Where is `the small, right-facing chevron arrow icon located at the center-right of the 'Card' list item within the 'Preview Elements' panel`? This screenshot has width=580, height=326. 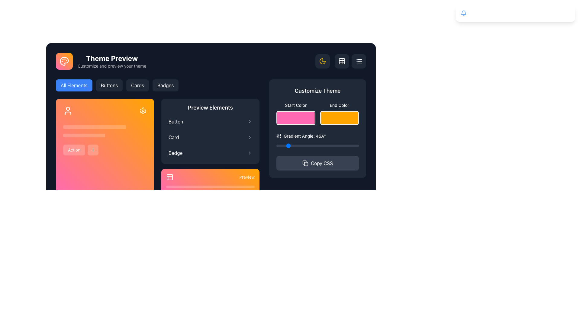
the small, right-facing chevron arrow icon located at the center-right of the 'Card' list item within the 'Preview Elements' panel is located at coordinates (250, 137).